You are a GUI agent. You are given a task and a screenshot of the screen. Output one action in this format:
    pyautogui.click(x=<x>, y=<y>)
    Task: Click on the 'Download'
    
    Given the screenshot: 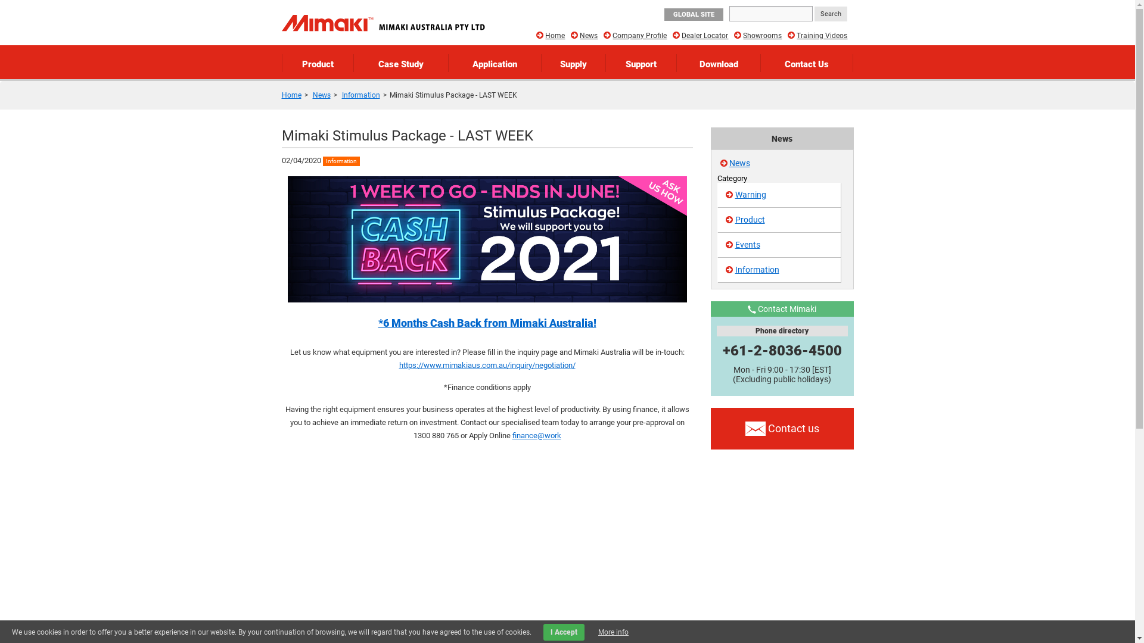 What is the action you would take?
    pyautogui.click(x=717, y=63)
    